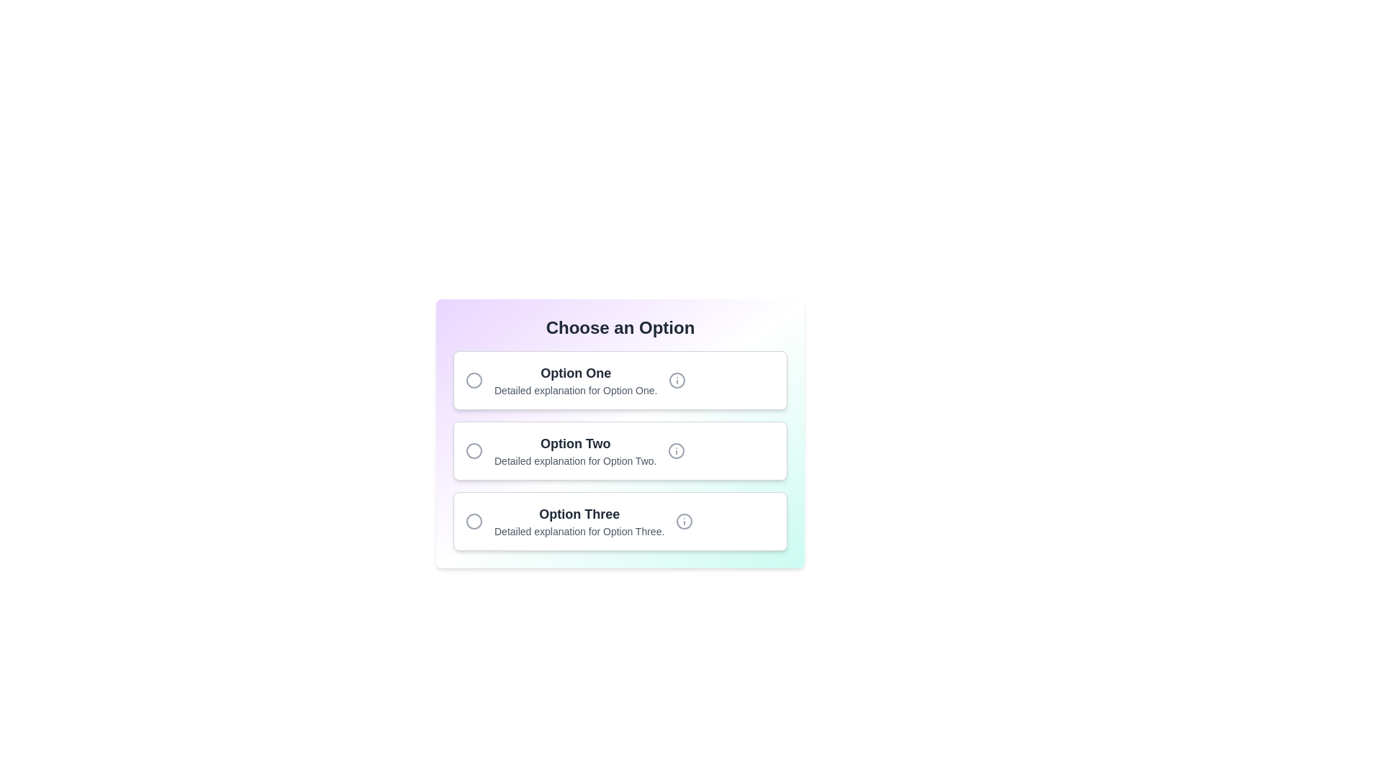 The image size is (1382, 777). Describe the element at coordinates (474, 450) in the screenshot. I see `the radio button-like icon that is positioned to the left of 'Option Two' and 'Detailed explanation for Option Two'` at that location.